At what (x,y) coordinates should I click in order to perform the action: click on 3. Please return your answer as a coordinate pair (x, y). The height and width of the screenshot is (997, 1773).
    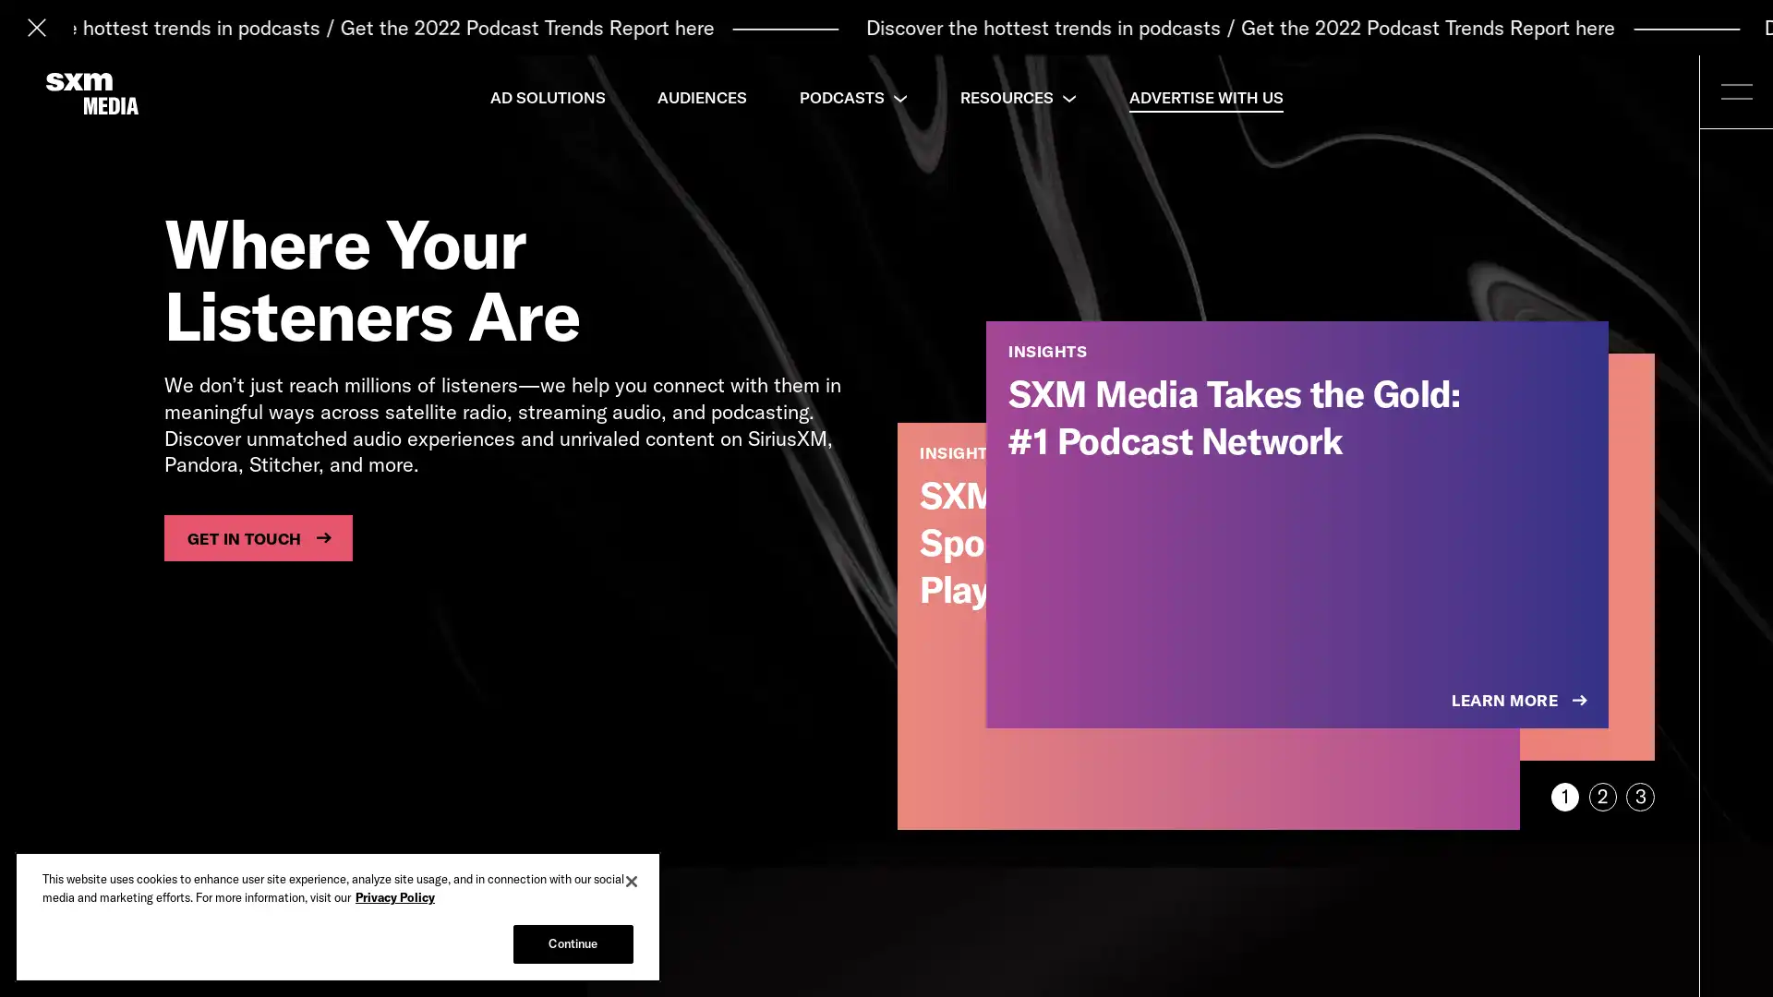
    Looking at the image, I should click on (1640, 796).